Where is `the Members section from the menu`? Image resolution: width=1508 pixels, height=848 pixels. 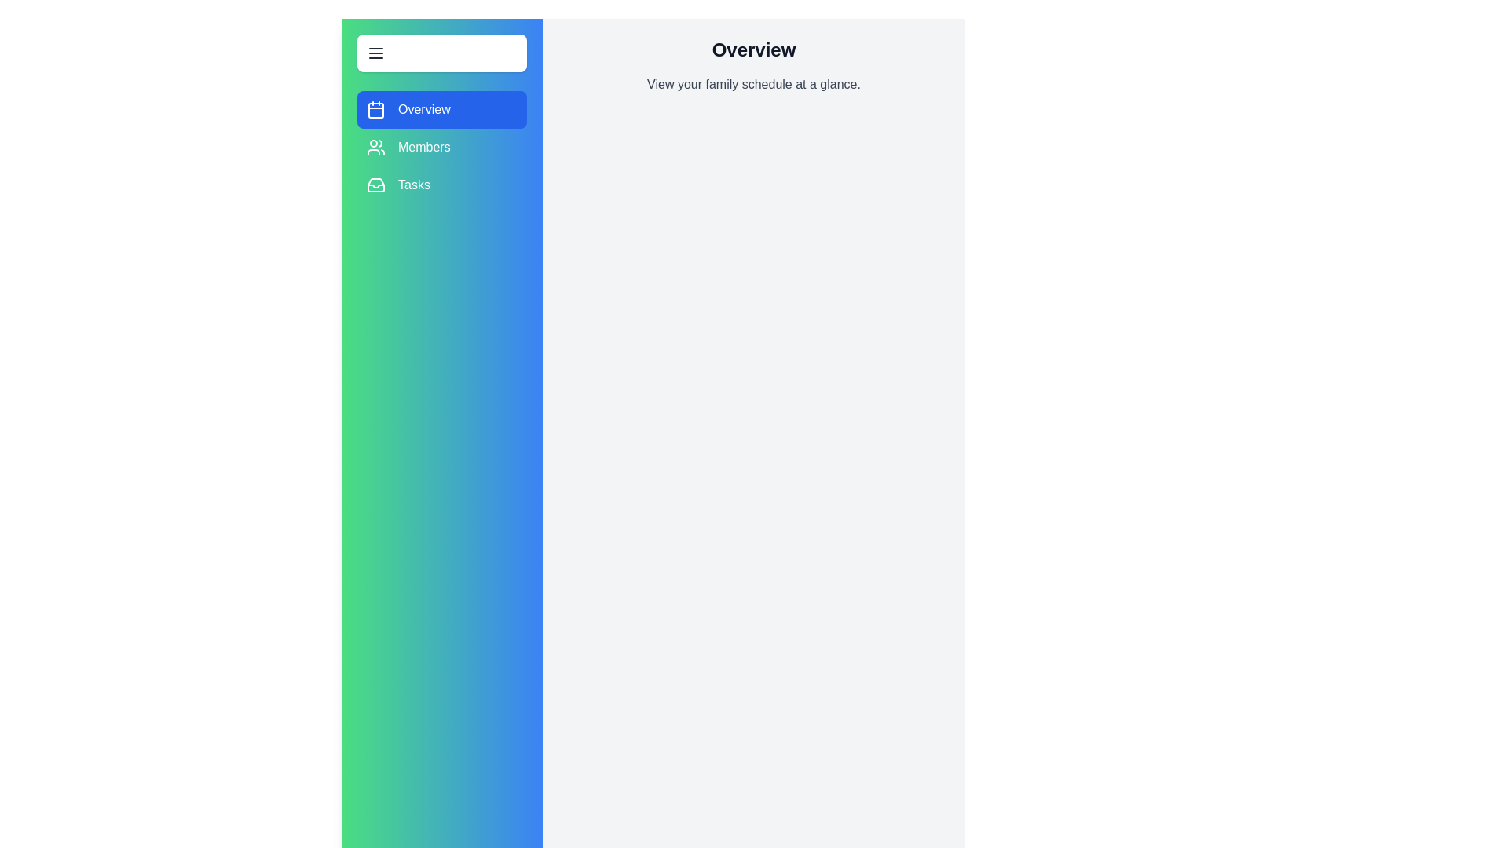 the Members section from the menu is located at coordinates (441, 148).